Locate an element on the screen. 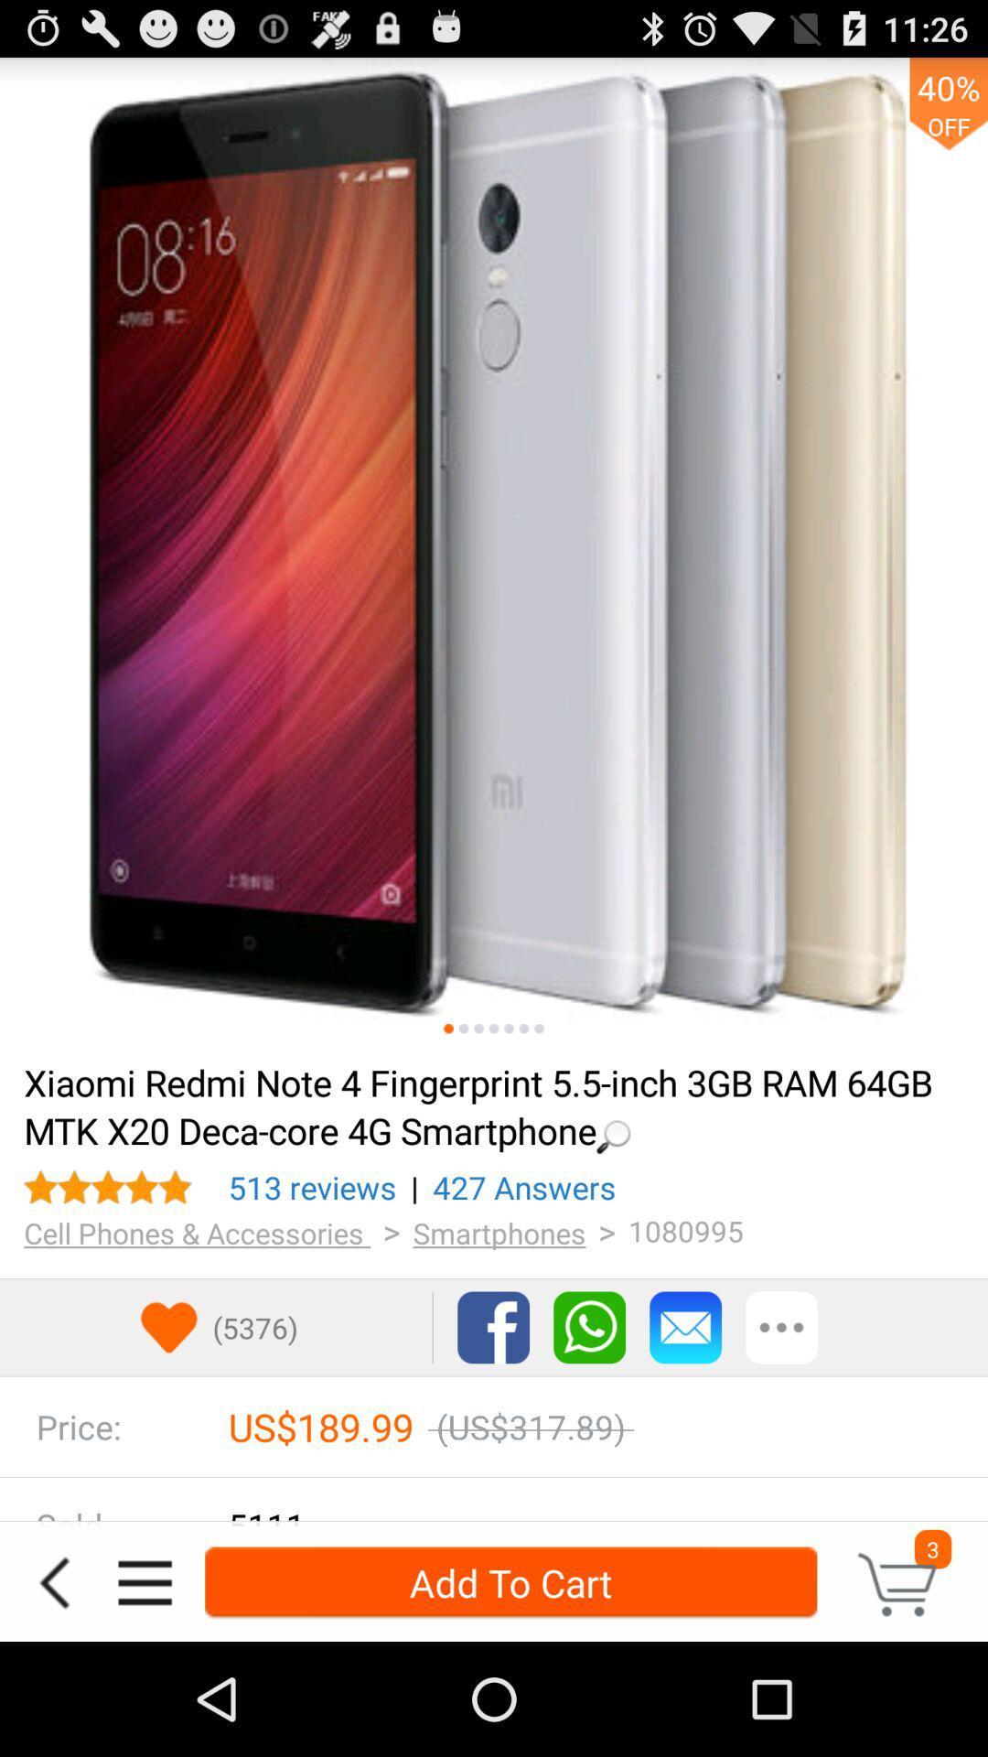 This screenshot has height=1757, width=988. open email is located at coordinates (685, 1327).